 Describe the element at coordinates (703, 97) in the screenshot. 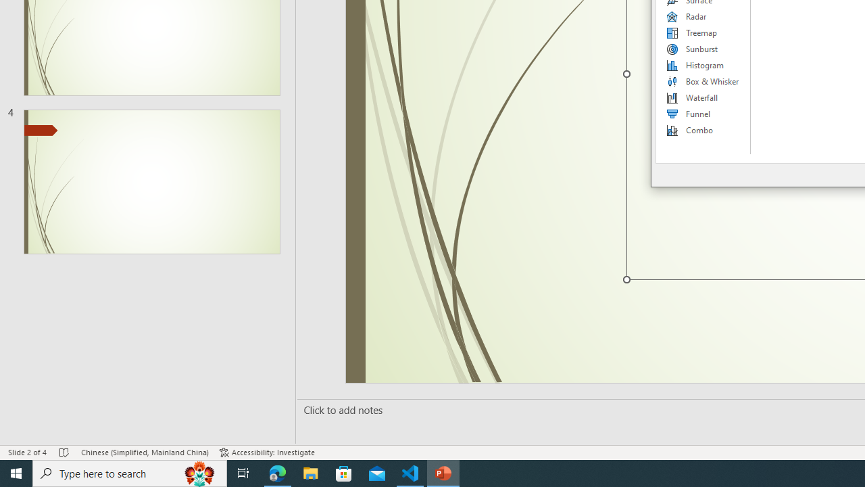

I see `'Waterfall'` at that location.